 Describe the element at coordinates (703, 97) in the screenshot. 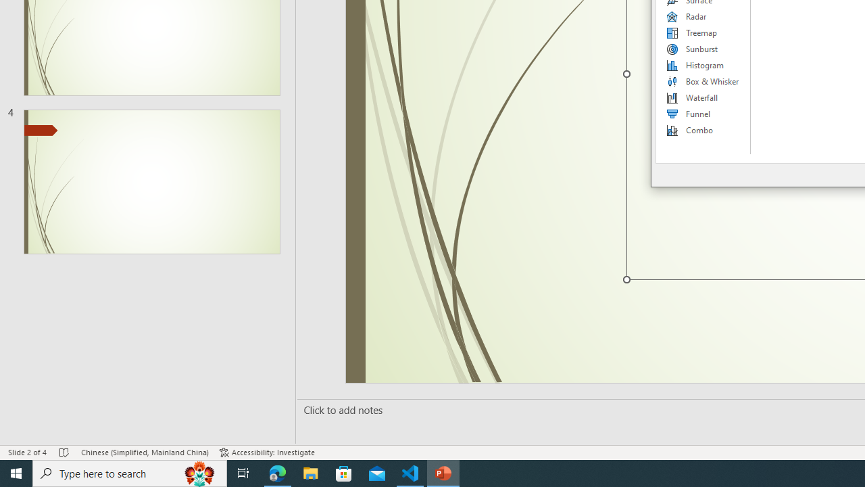

I see `'Waterfall'` at that location.